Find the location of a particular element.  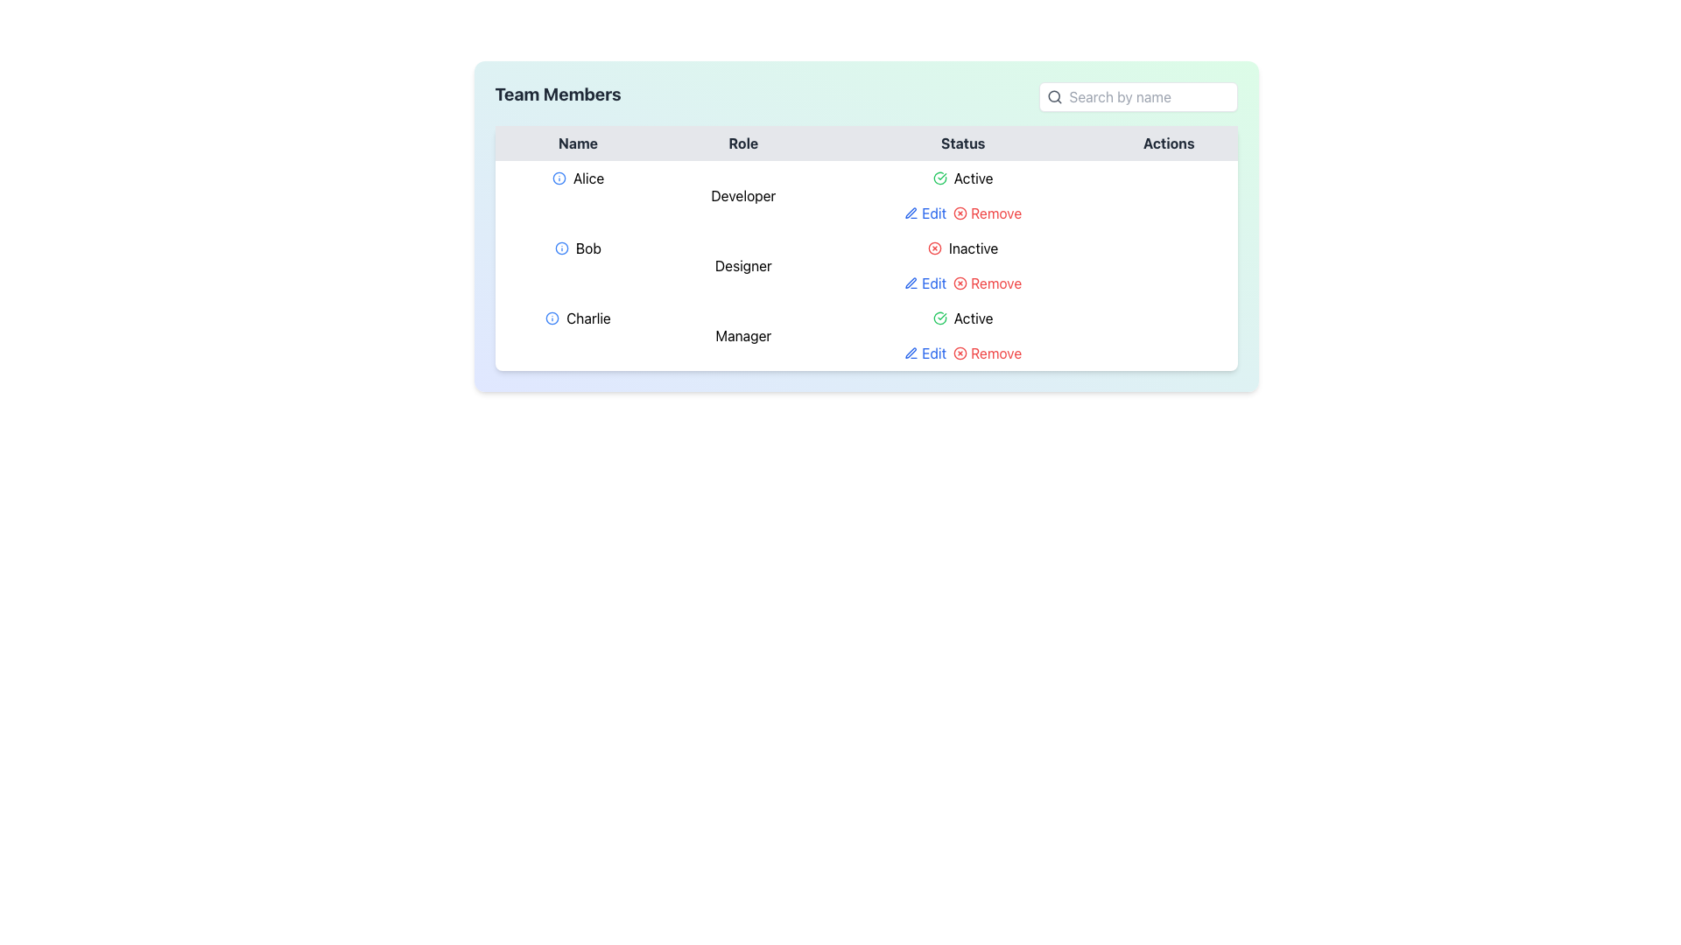

the 'Designer' label in the 'Role' column of the table corresponding to the 'Bob' row is located at coordinates (743, 266).